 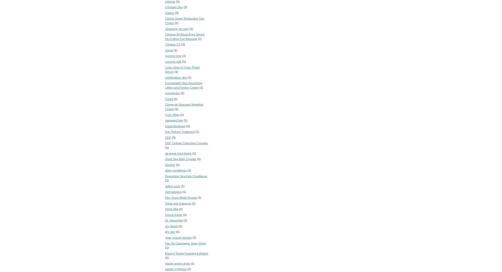 What do you see at coordinates (177, 263) in the screenshot?
I see `'elastin amino acids'` at bounding box center [177, 263].